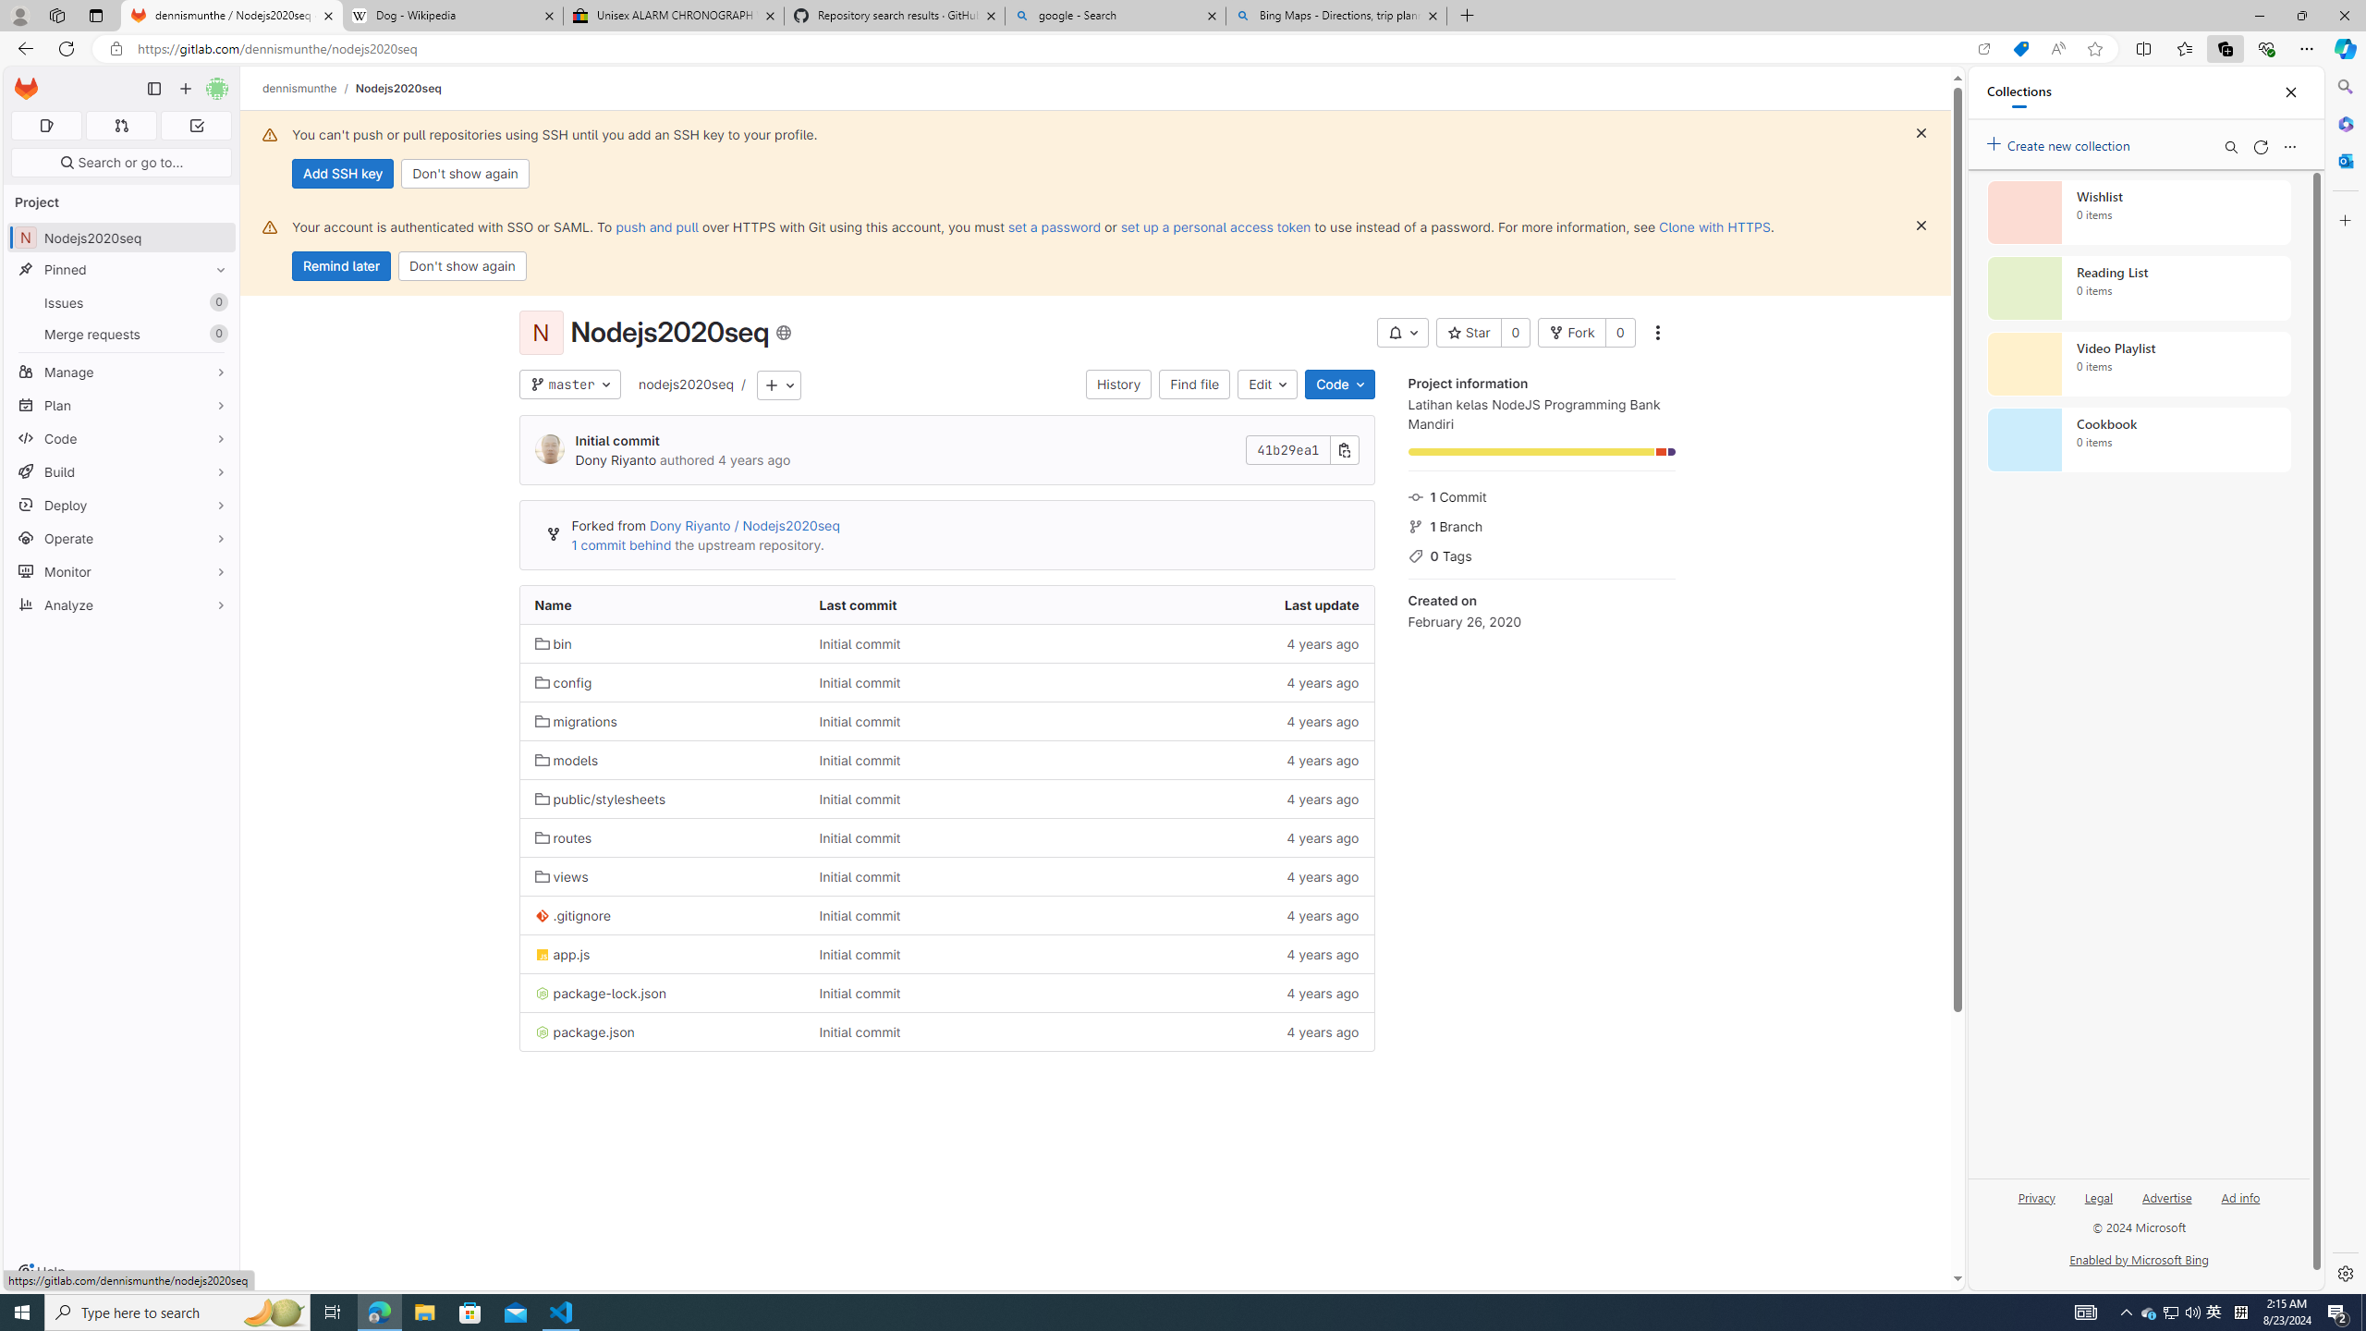 The height and width of the screenshot is (1331, 2366). What do you see at coordinates (1055, 226) in the screenshot?
I see `'set a password'` at bounding box center [1055, 226].